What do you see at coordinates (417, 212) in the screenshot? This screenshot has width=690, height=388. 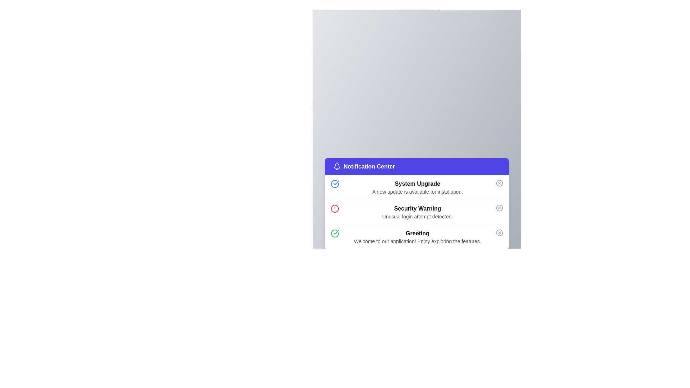 I see `the 'Security Warning' text display component in the Notification Center to access further actions related to the unusual login attempt detected` at bounding box center [417, 212].